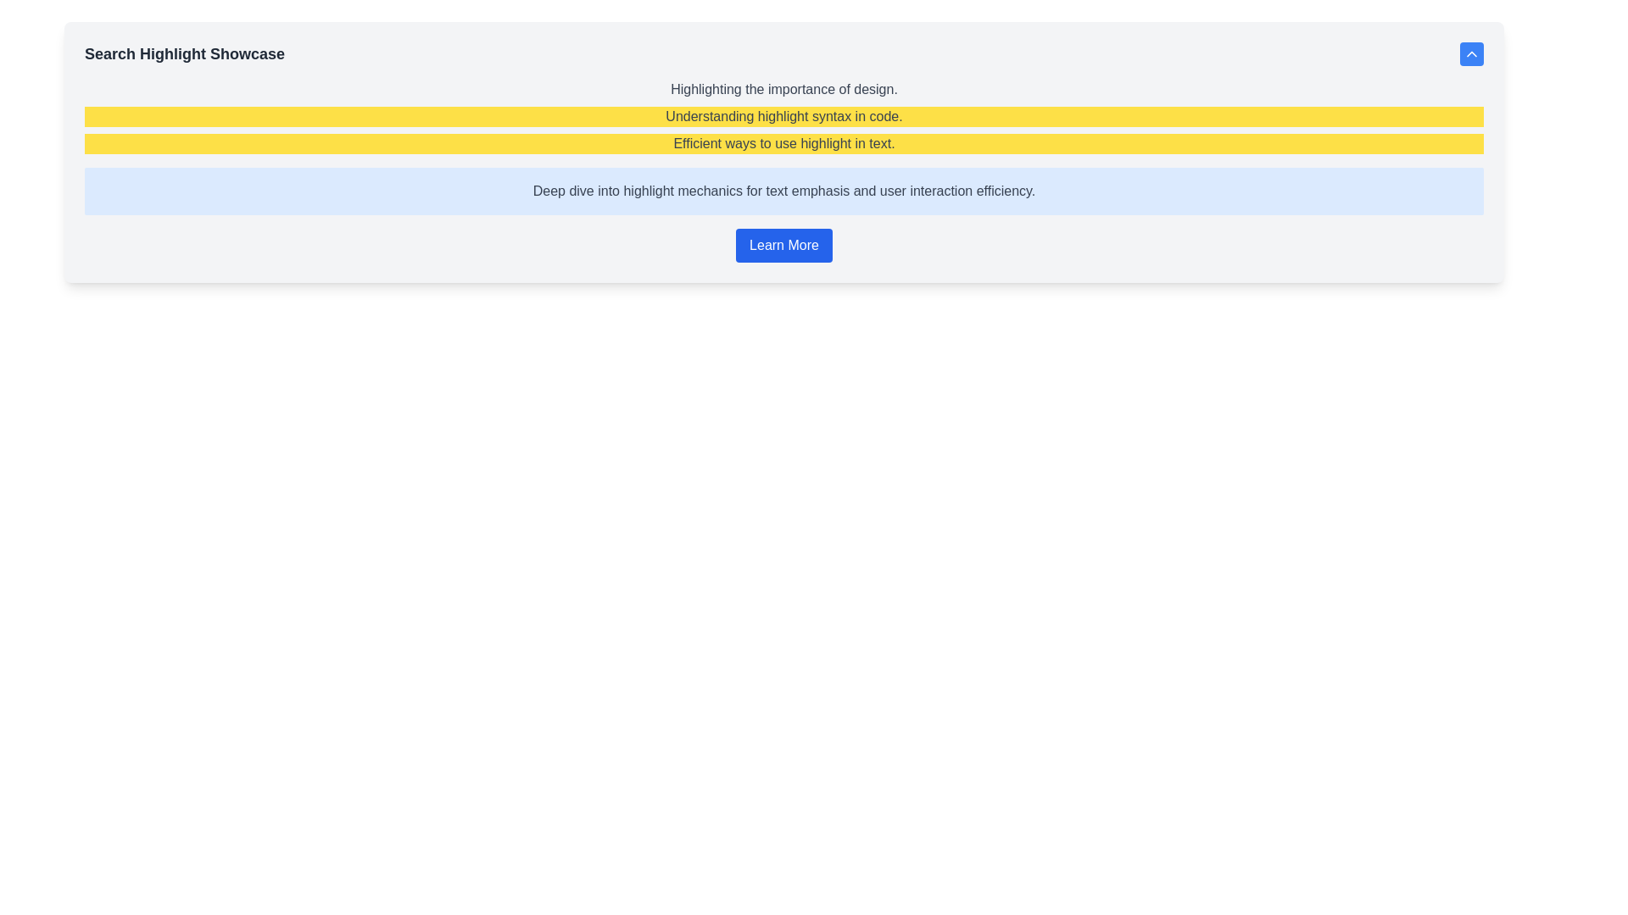 This screenshot has height=915, width=1628. Describe the element at coordinates (783, 191) in the screenshot. I see `the informative text element that provides extended details about the content subcategory, located within a blue rectangular box, which is the fifth item in a vertical stack of content elements` at that location.